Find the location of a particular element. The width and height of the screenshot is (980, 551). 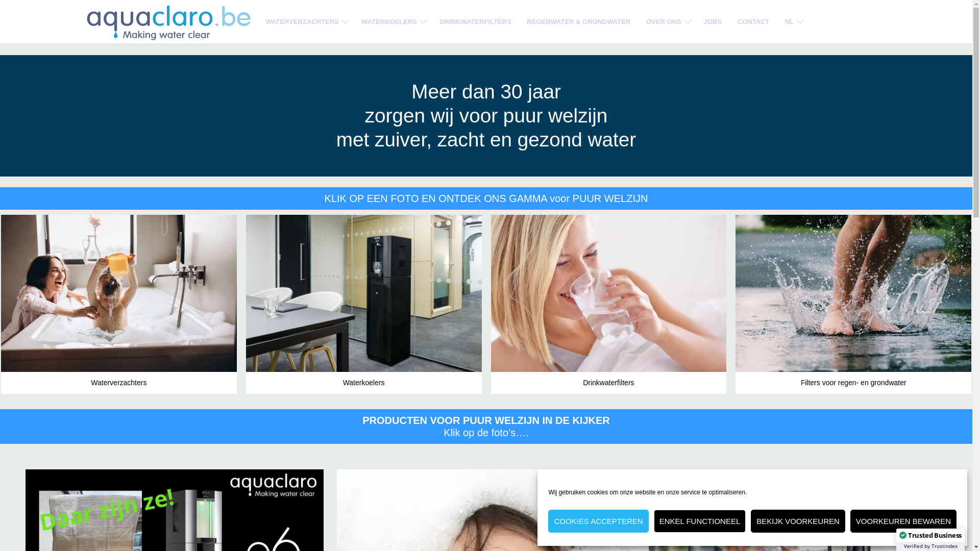

'VOORKEUREN BEWAREN' is located at coordinates (903, 521).